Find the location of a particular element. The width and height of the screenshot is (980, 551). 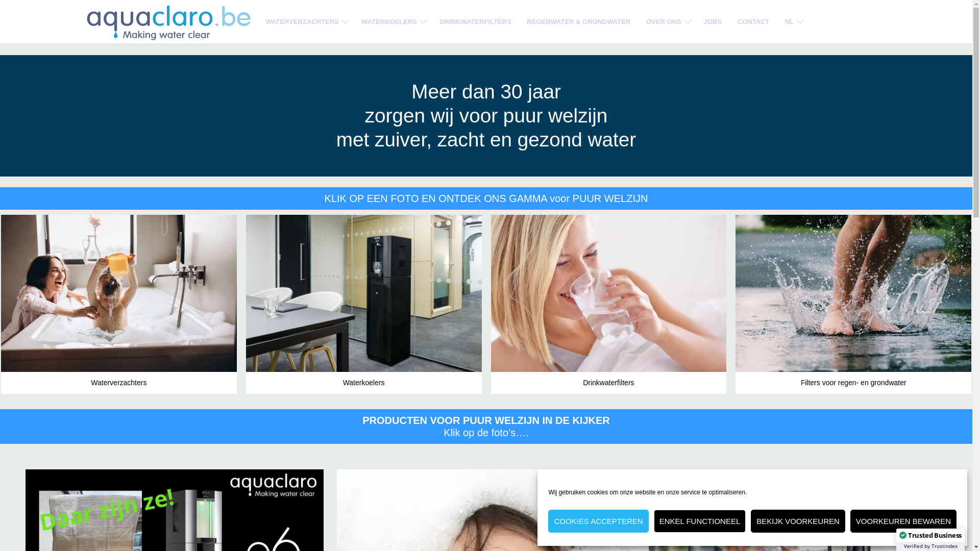

'VOORKEUREN BEWAREN' is located at coordinates (903, 521).